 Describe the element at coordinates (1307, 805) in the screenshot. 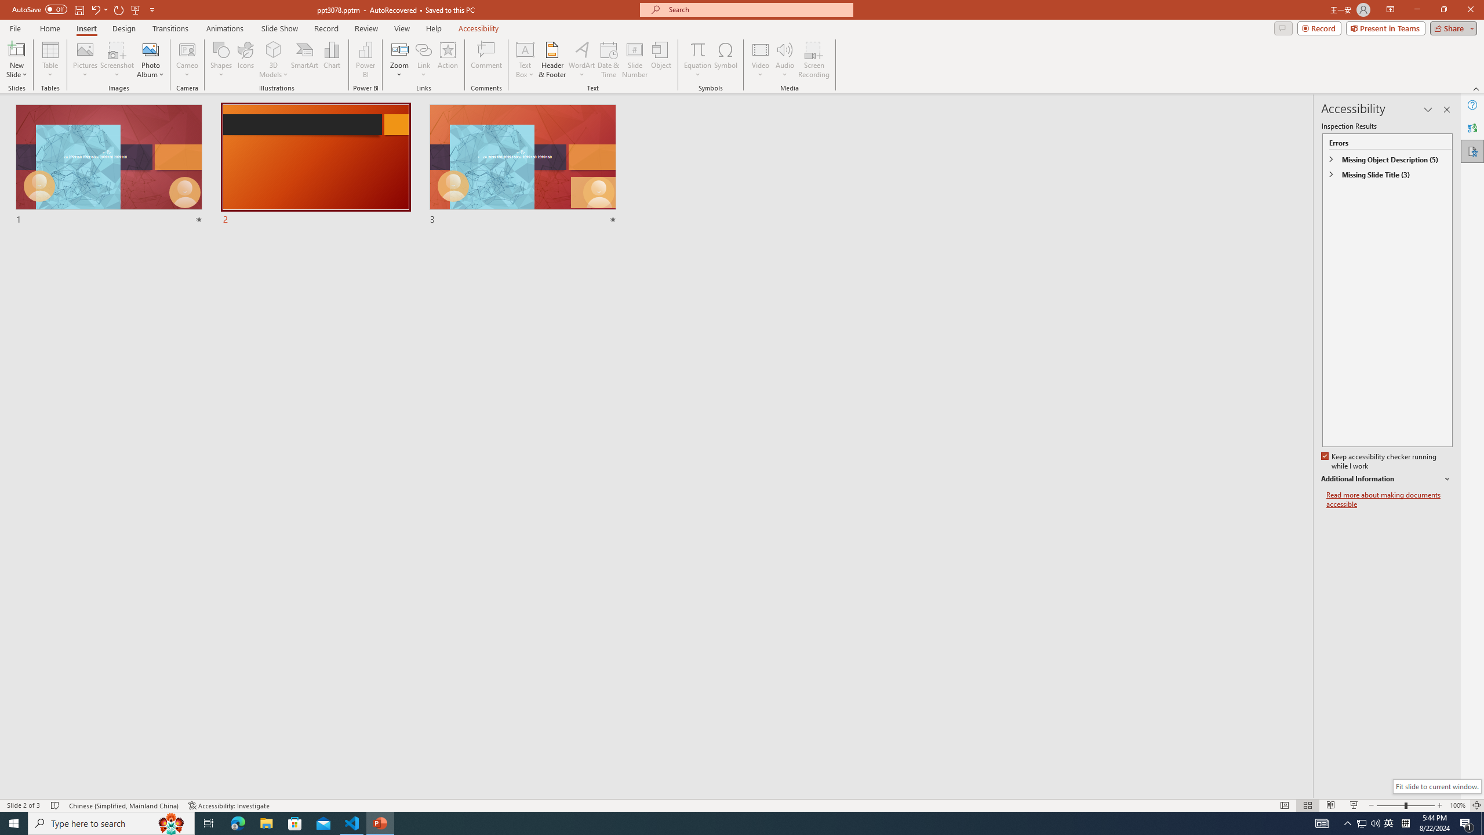

I see `'Slide Sorter'` at that location.